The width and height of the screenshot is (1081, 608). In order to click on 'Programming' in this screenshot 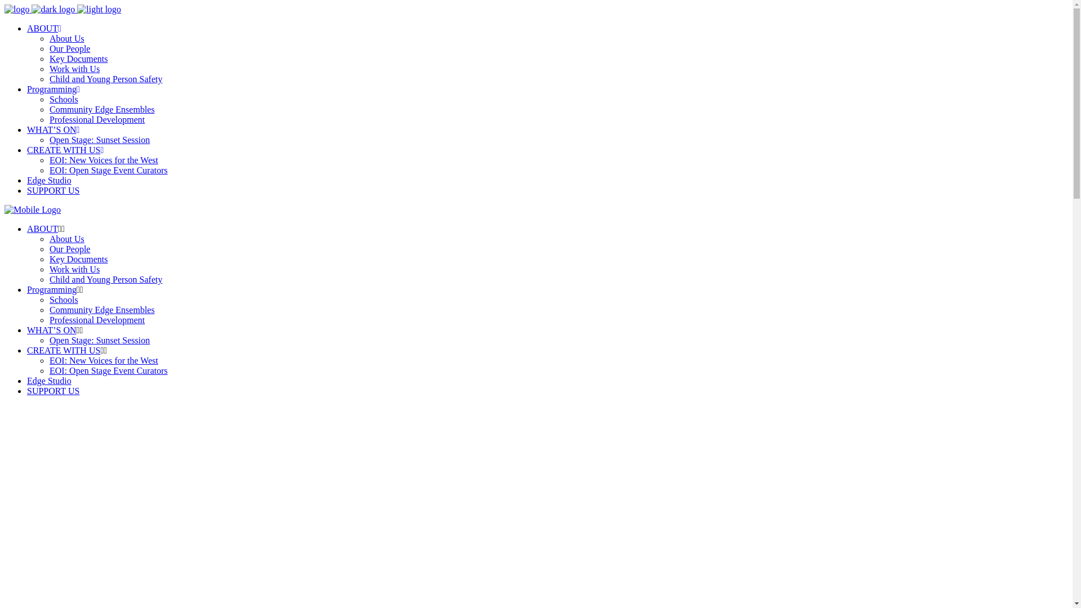, I will do `click(51, 289)`.